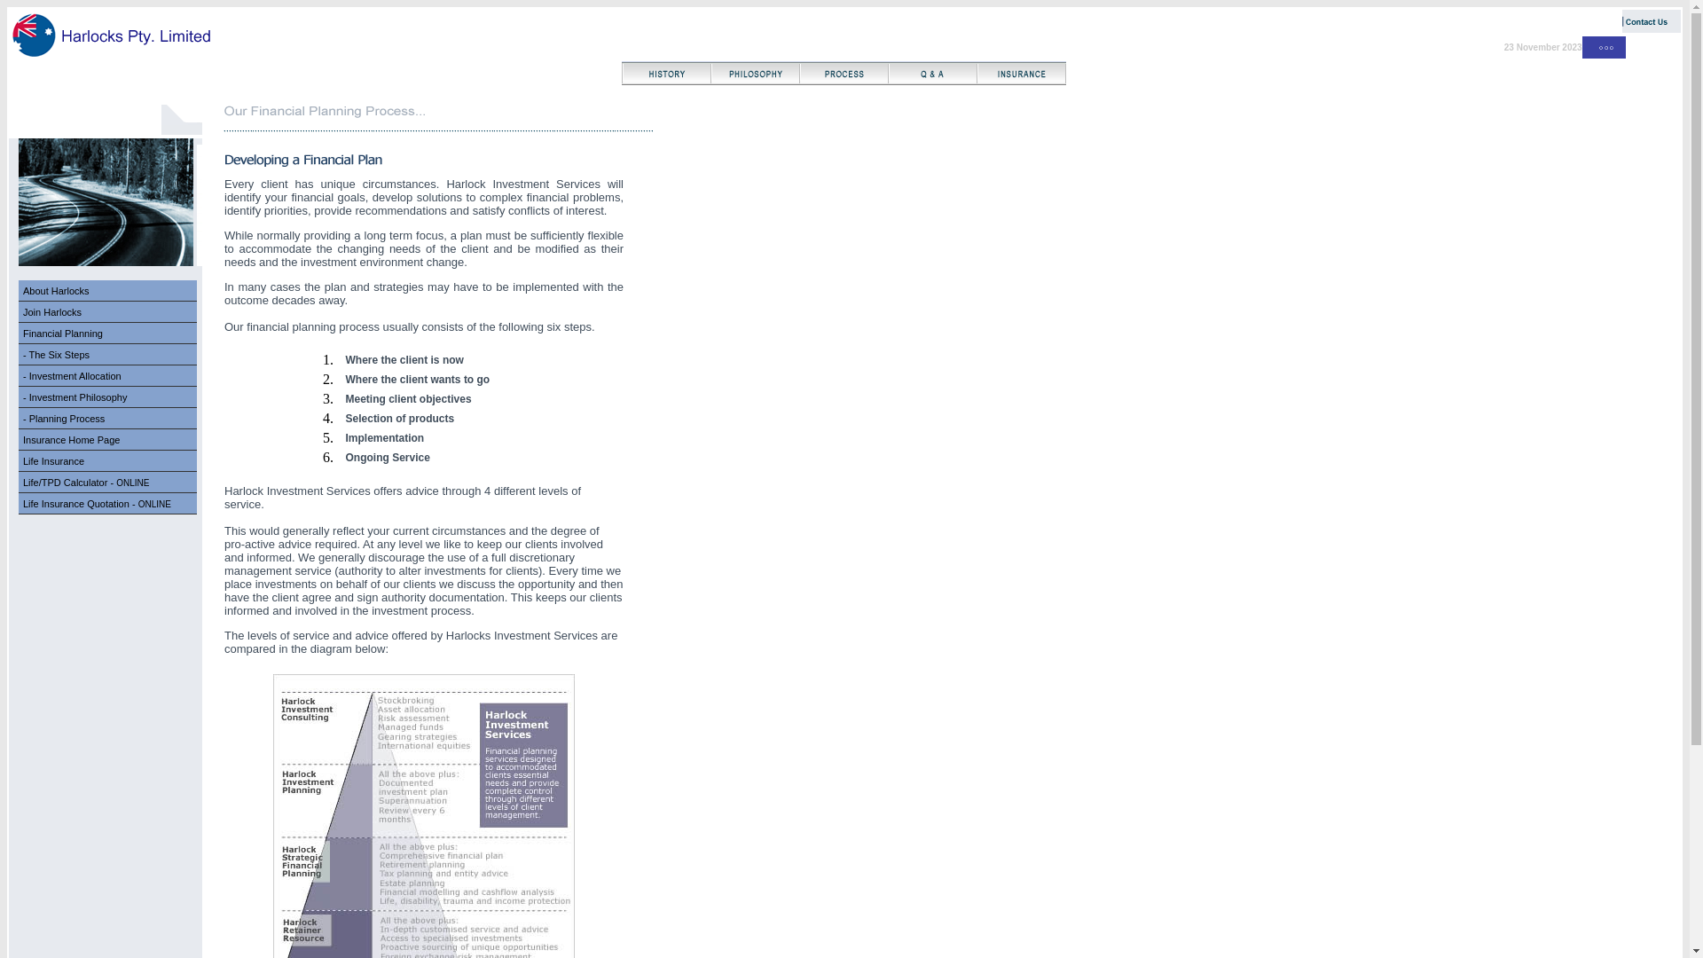 Image resolution: width=1703 pixels, height=958 pixels. What do you see at coordinates (53, 460) in the screenshot?
I see `'Life Insurance'` at bounding box center [53, 460].